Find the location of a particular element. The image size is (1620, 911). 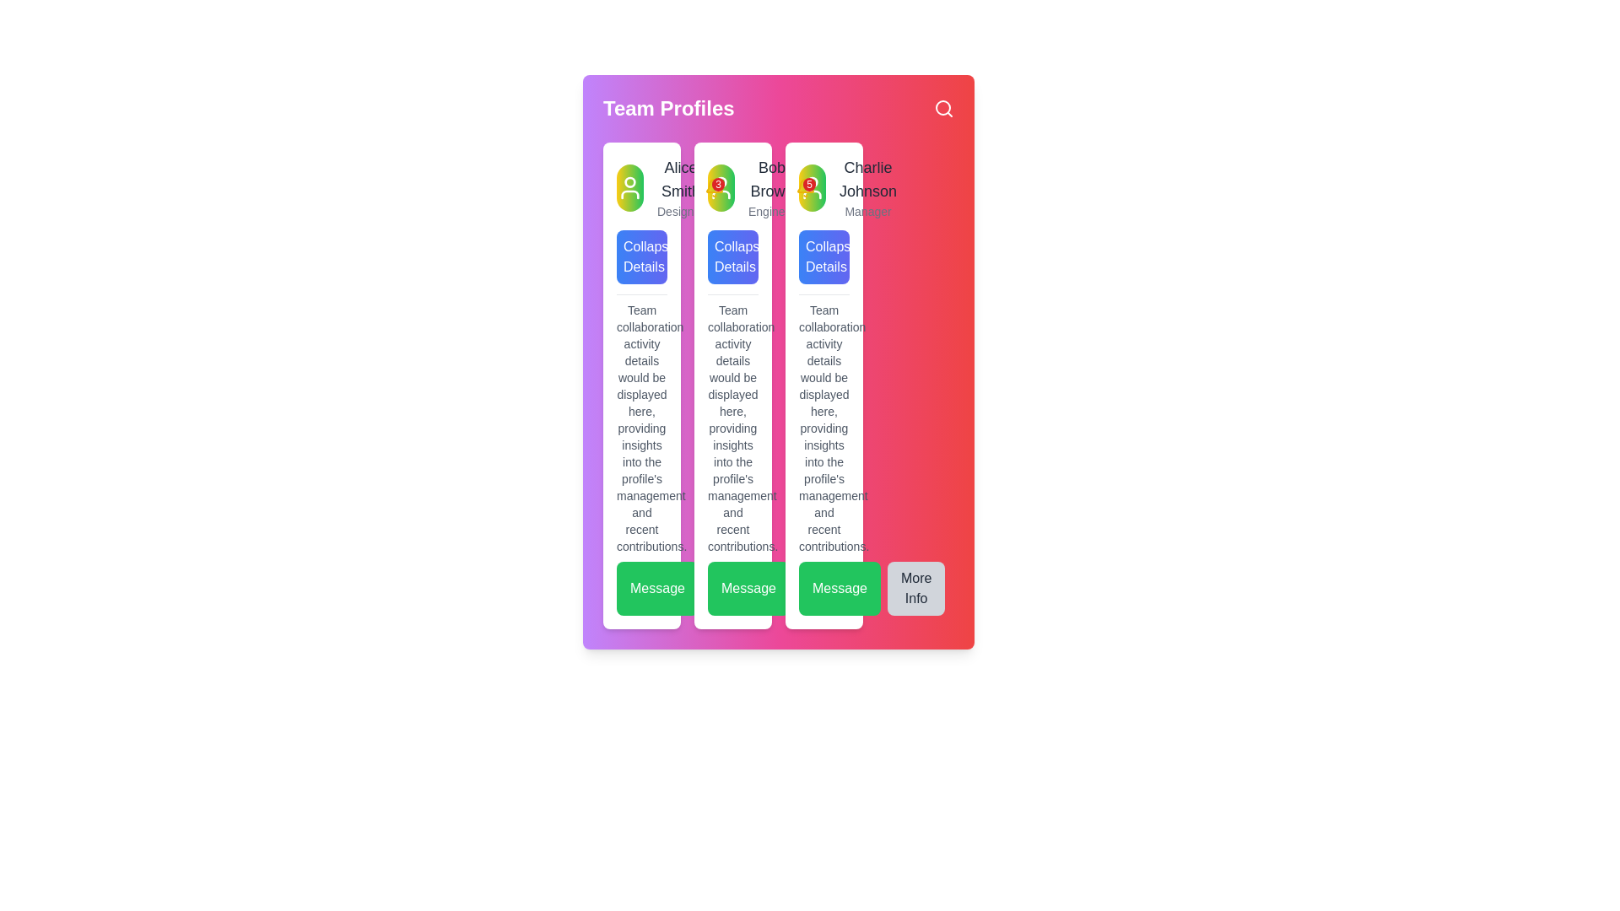

the largest text block that provides detailed information about team collaboration activity, located in the middle section of the profile card is located at coordinates (641, 454).